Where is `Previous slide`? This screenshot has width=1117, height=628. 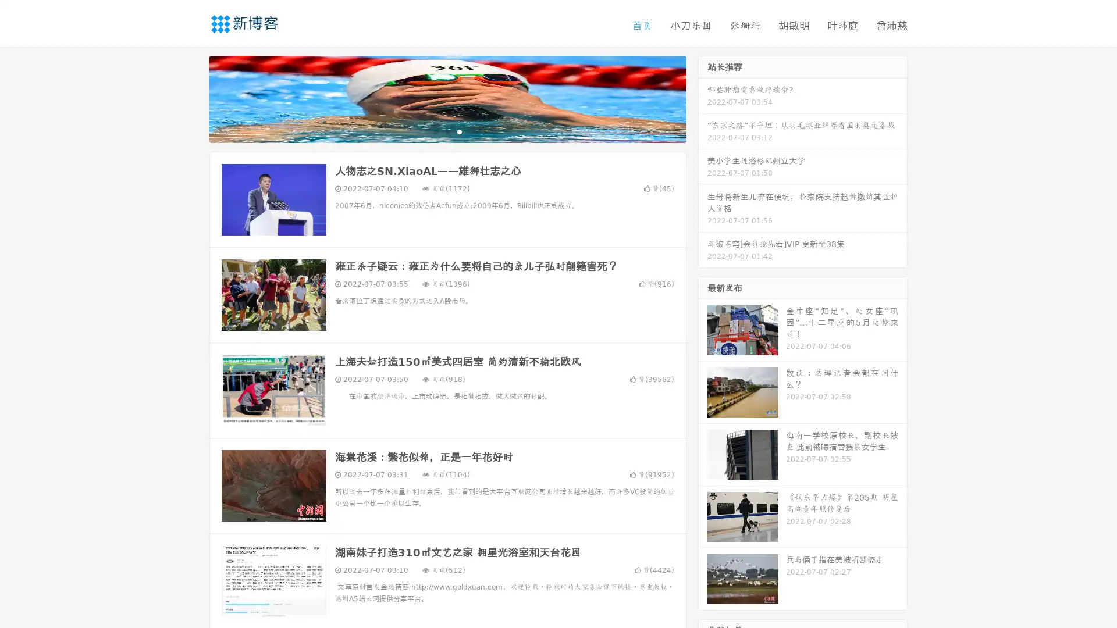
Previous slide is located at coordinates (192, 98).